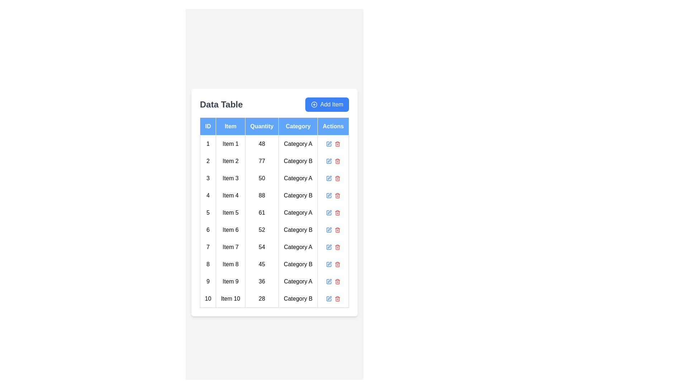 This screenshot has width=688, height=387. What do you see at coordinates (337, 247) in the screenshot?
I see `the delete button in the 'Actions' column of the table for 'Item 7'` at bounding box center [337, 247].